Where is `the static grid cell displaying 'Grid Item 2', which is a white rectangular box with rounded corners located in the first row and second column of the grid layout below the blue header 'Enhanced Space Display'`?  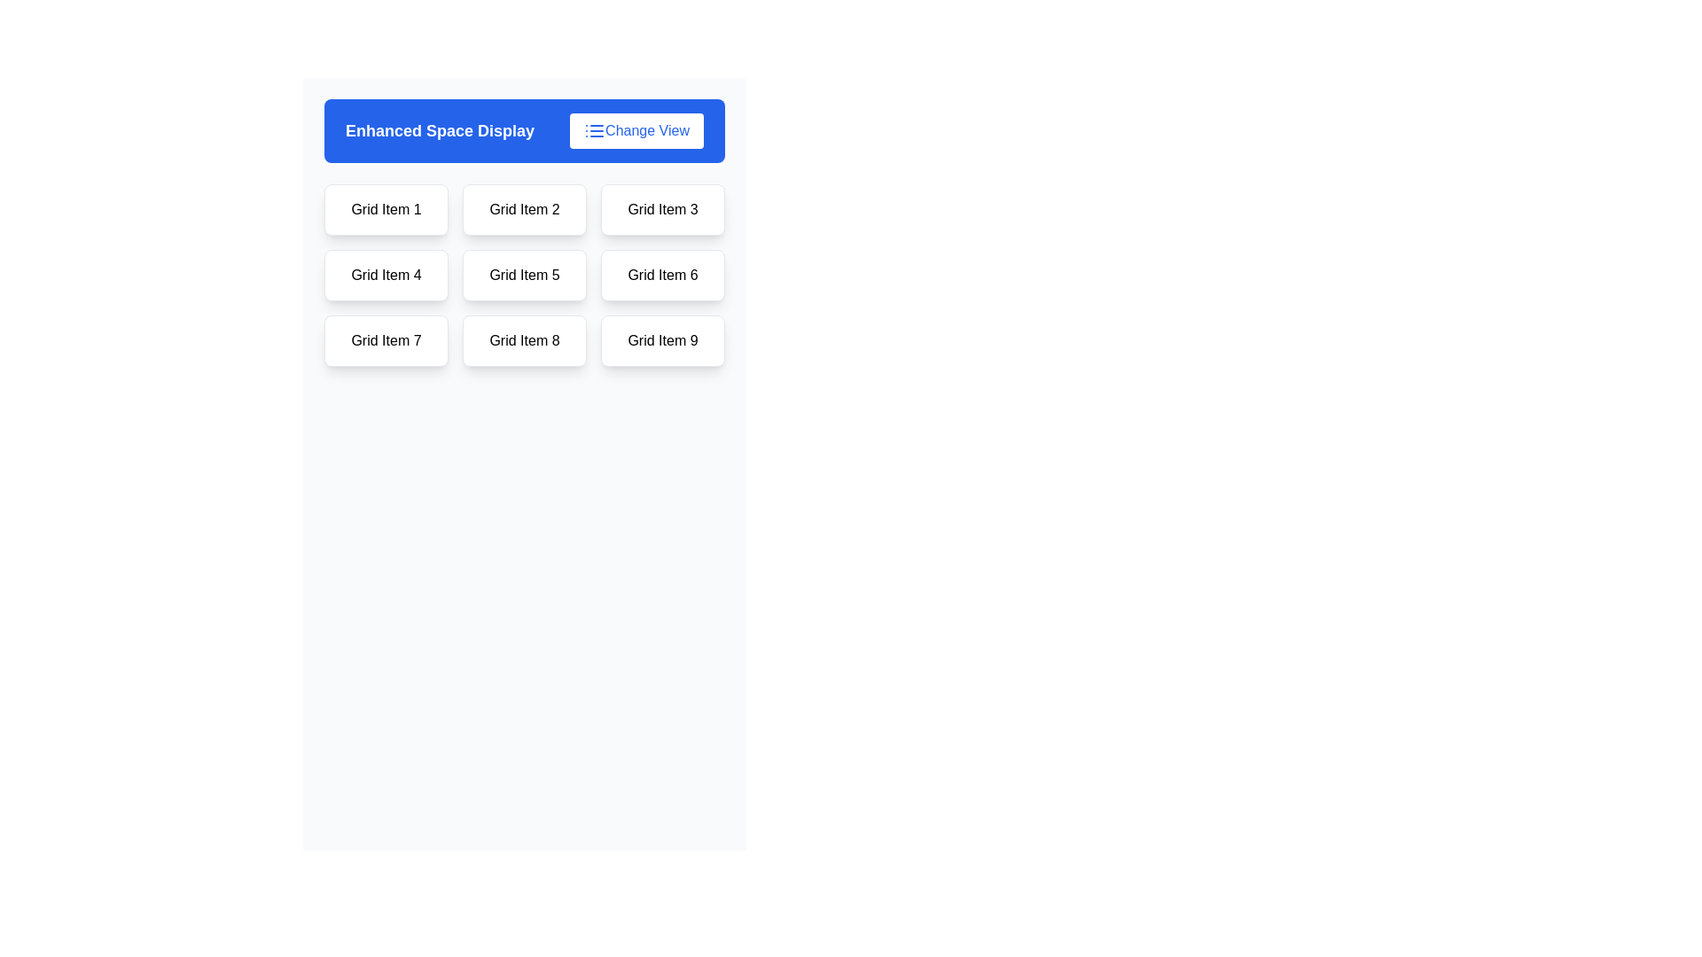 the static grid cell displaying 'Grid Item 2', which is a white rectangular box with rounded corners located in the first row and second column of the grid layout below the blue header 'Enhanced Space Display' is located at coordinates (523, 208).